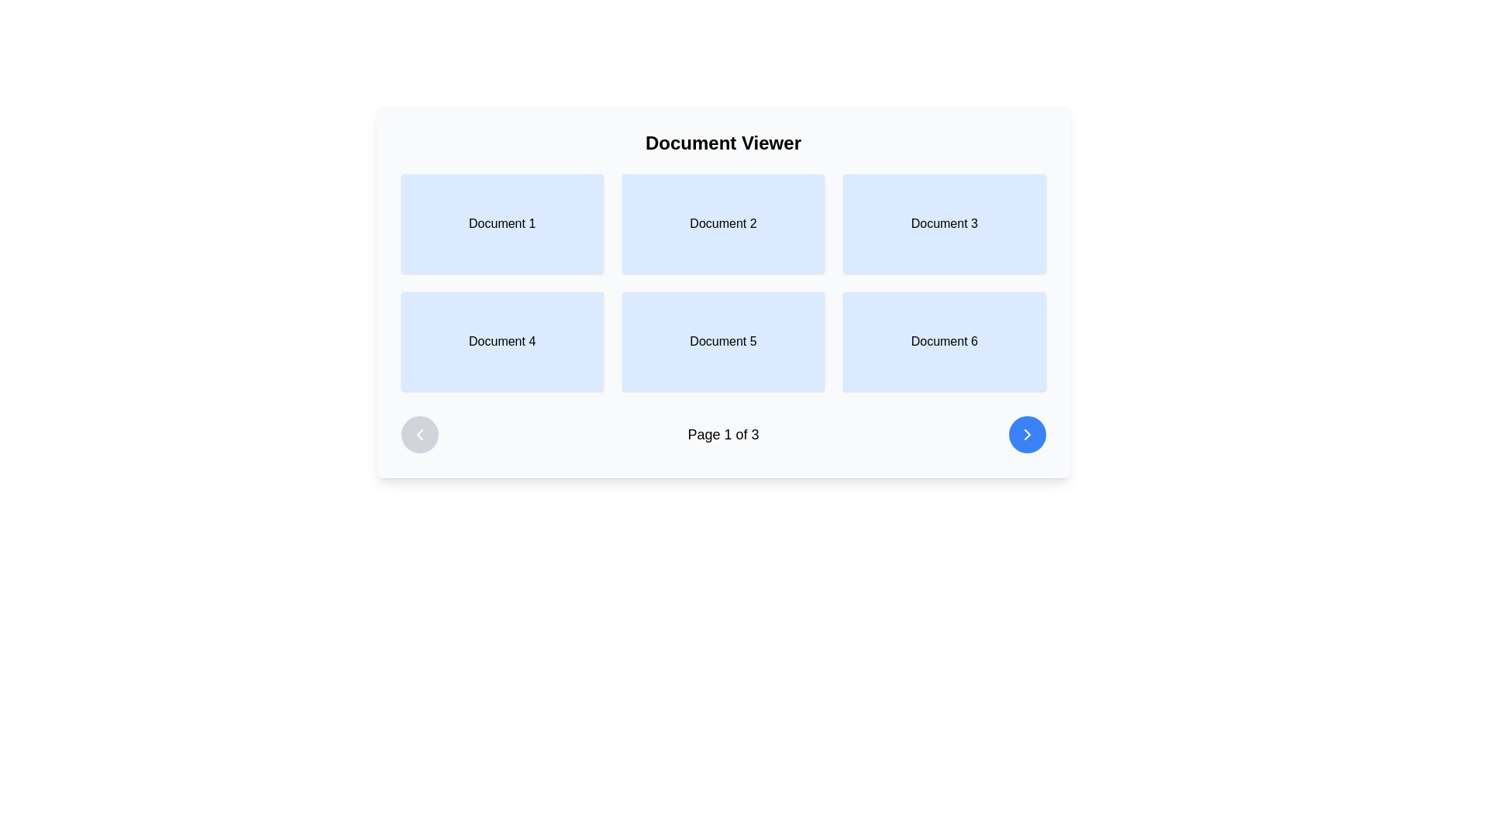 Image resolution: width=1488 pixels, height=837 pixels. Describe the element at coordinates (722, 292) in the screenshot. I see `the grid layout containing selectable document blocks displayed in the 'Document Viewer' section` at that location.